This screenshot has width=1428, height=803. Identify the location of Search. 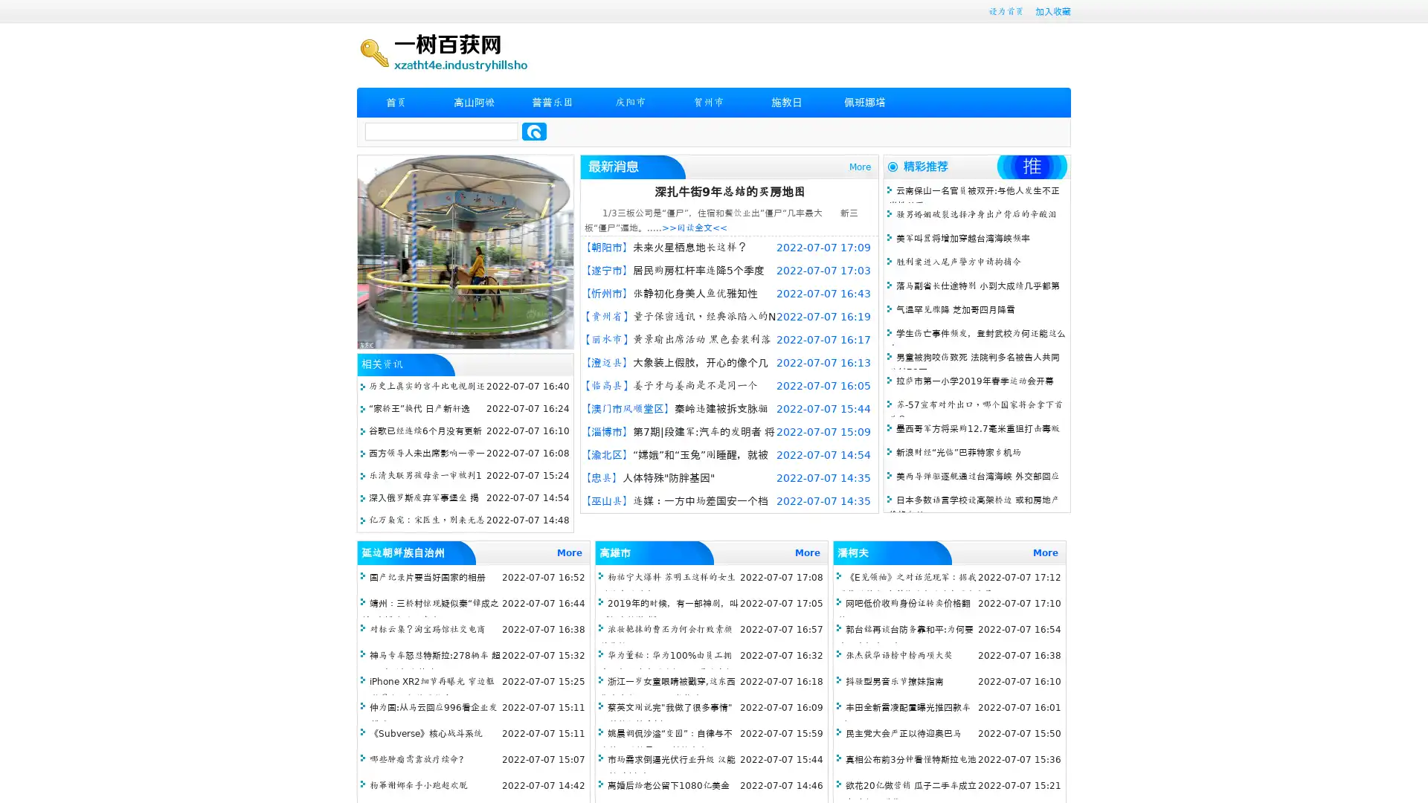
(534, 131).